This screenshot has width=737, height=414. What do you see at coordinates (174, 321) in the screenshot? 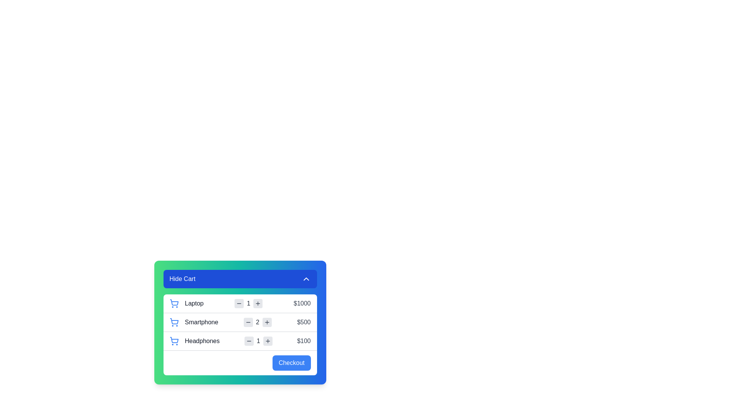
I see `the shopping cart icon element associated with the 'Smartphone' row in the shopping cart panel` at bounding box center [174, 321].